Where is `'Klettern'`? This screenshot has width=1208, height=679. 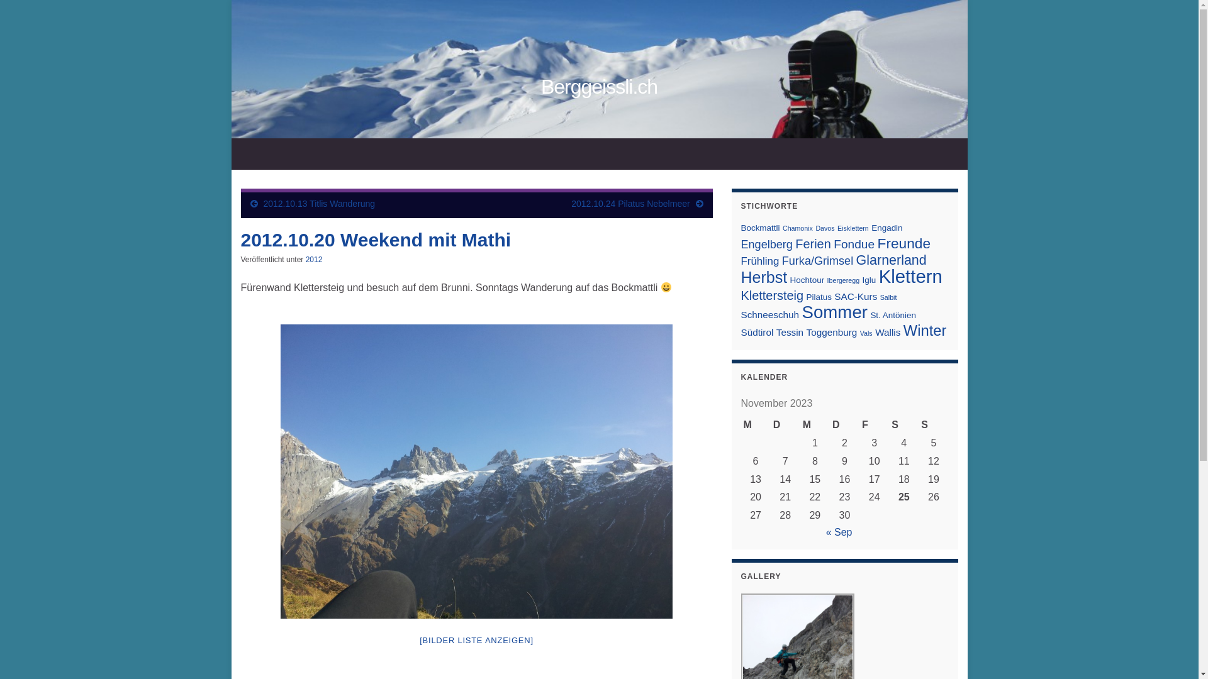
'Klettern' is located at coordinates (878, 275).